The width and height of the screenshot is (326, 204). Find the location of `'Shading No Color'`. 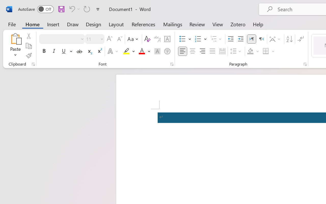

'Shading No Color' is located at coordinates (250, 51).